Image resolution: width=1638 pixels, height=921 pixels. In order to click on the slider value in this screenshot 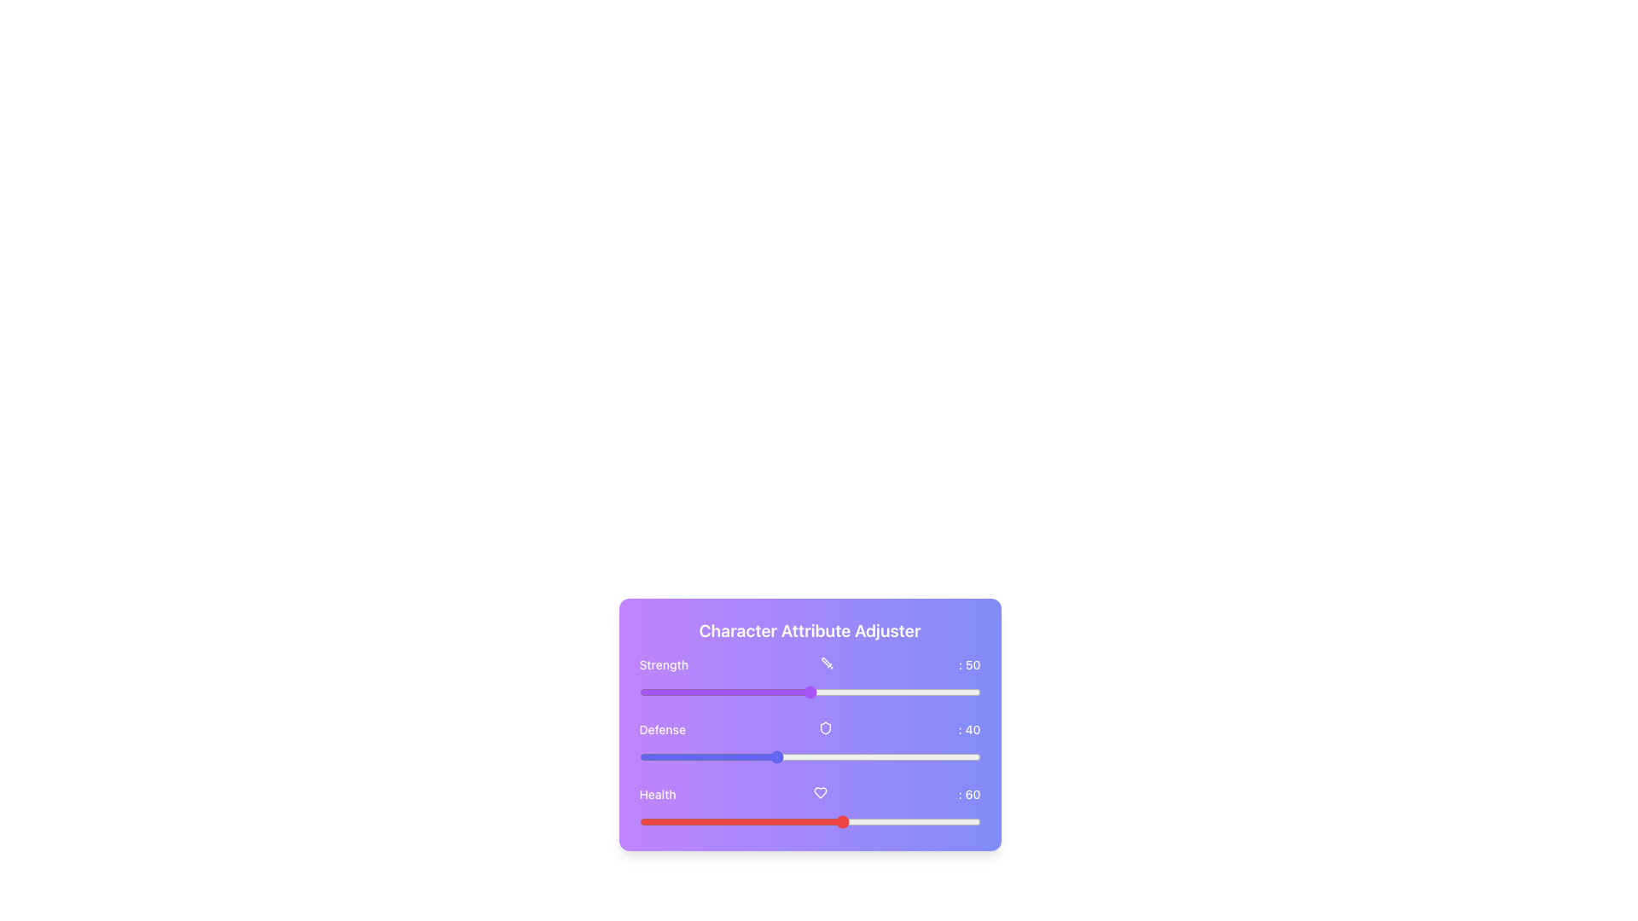, I will do `click(652, 756)`.